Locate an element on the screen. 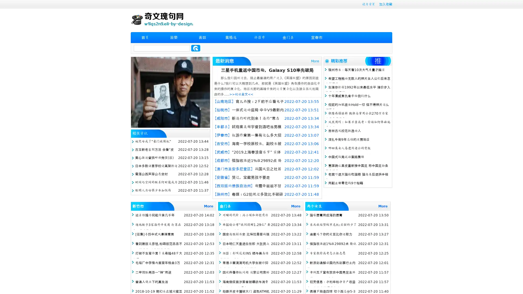  Search is located at coordinates (196, 48).